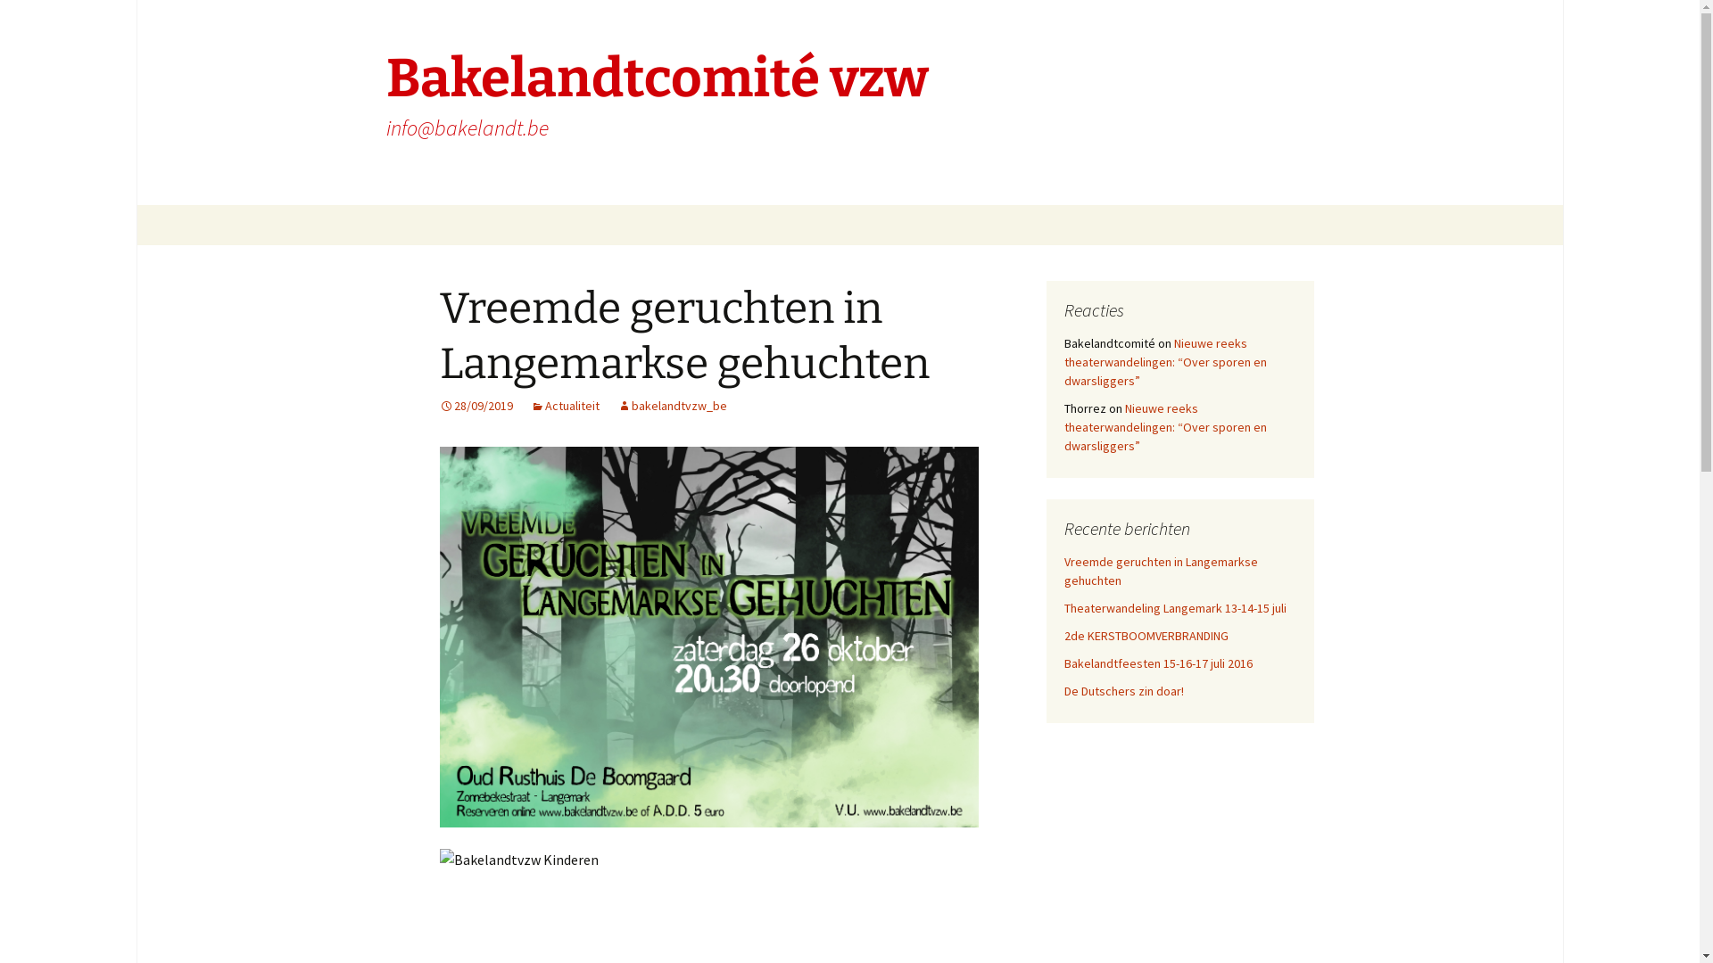  I want to click on 'bakelandtvzw_be', so click(617, 406).